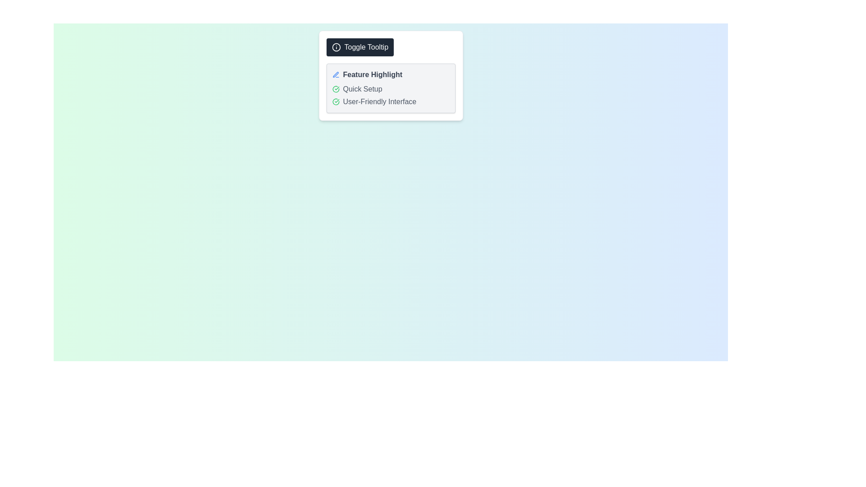 This screenshot has width=866, height=487. I want to click on the general appearance of the circular green-bordered icon with a check mark inside, located to the left of the text 'User-Friendly Interface', so click(335, 101).